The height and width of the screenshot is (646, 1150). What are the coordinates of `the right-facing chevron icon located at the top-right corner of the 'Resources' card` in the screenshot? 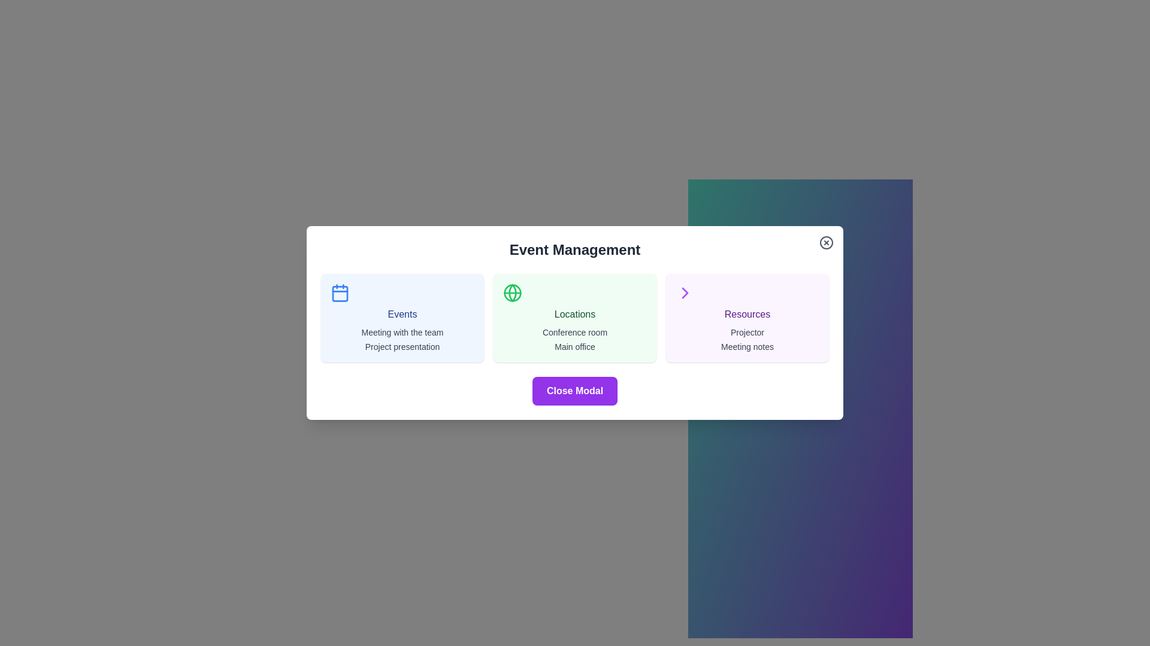 It's located at (685, 292).